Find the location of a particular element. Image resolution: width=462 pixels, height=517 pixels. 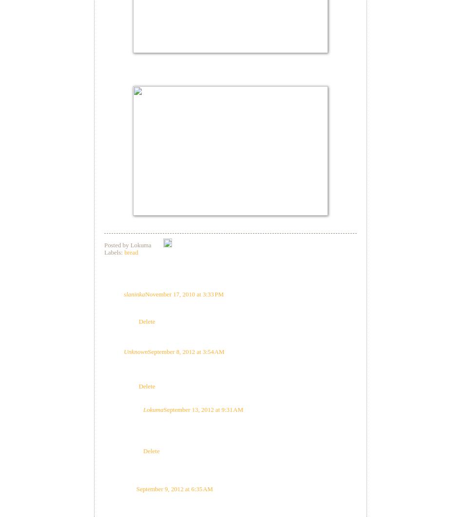

'Stuart - I was wondering that too. But 500g is a lot of yoghurt, and there's no water in the recipe. It might work with soy milk, or soy curd, made with a veg. gelatine.' is located at coordinates (235, 505).